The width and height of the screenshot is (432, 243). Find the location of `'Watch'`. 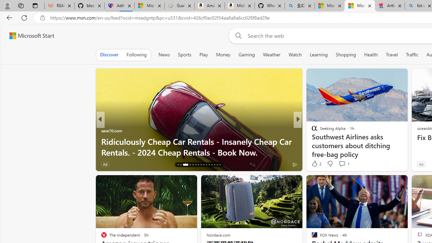

'Watch' is located at coordinates (295, 54).